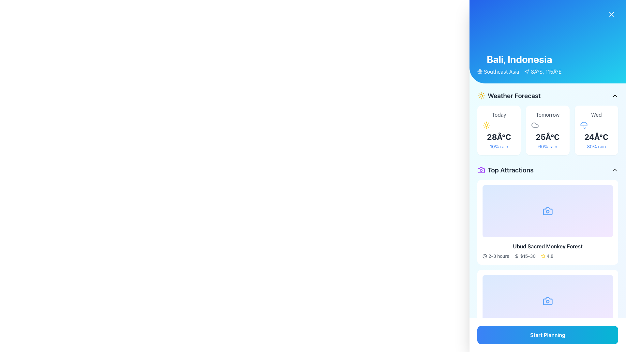 The width and height of the screenshot is (626, 352). Describe the element at coordinates (525, 345) in the screenshot. I see `price range displayed as '$15-30' in the label located between the '2-3 hours' text and the '4.8' rating text for the Ubud Sacred Monkey Forest` at that location.